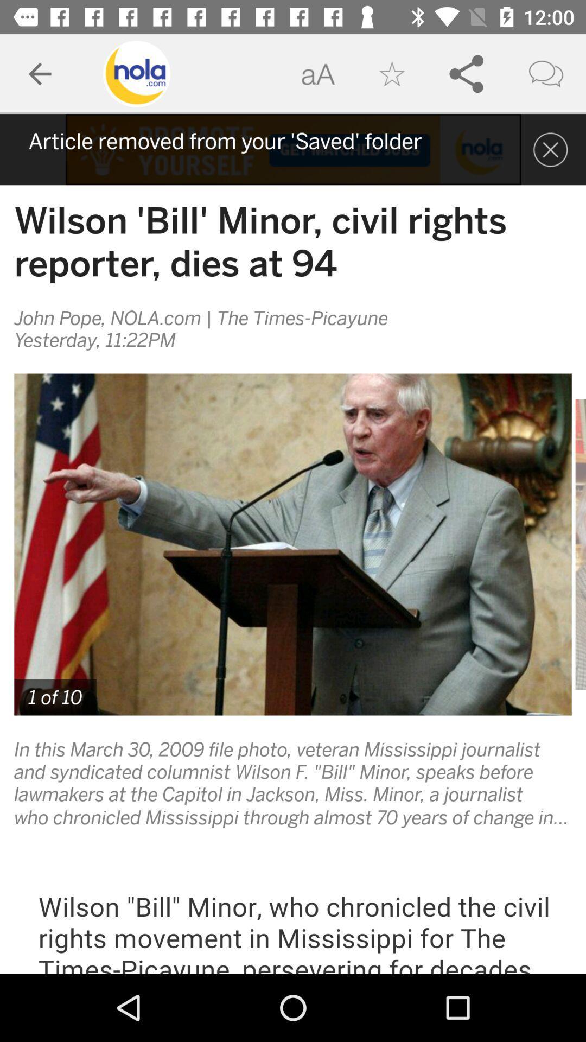  I want to click on button, so click(550, 149).